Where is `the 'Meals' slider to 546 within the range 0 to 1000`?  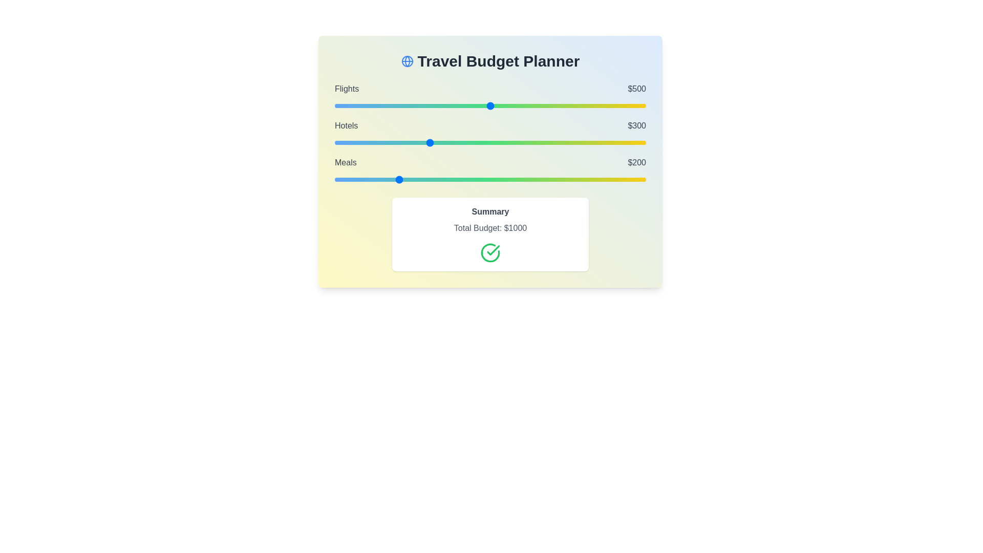 the 'Meals' slider to 546 within the range 0 to 1000 is located at coordinates (504, 179).